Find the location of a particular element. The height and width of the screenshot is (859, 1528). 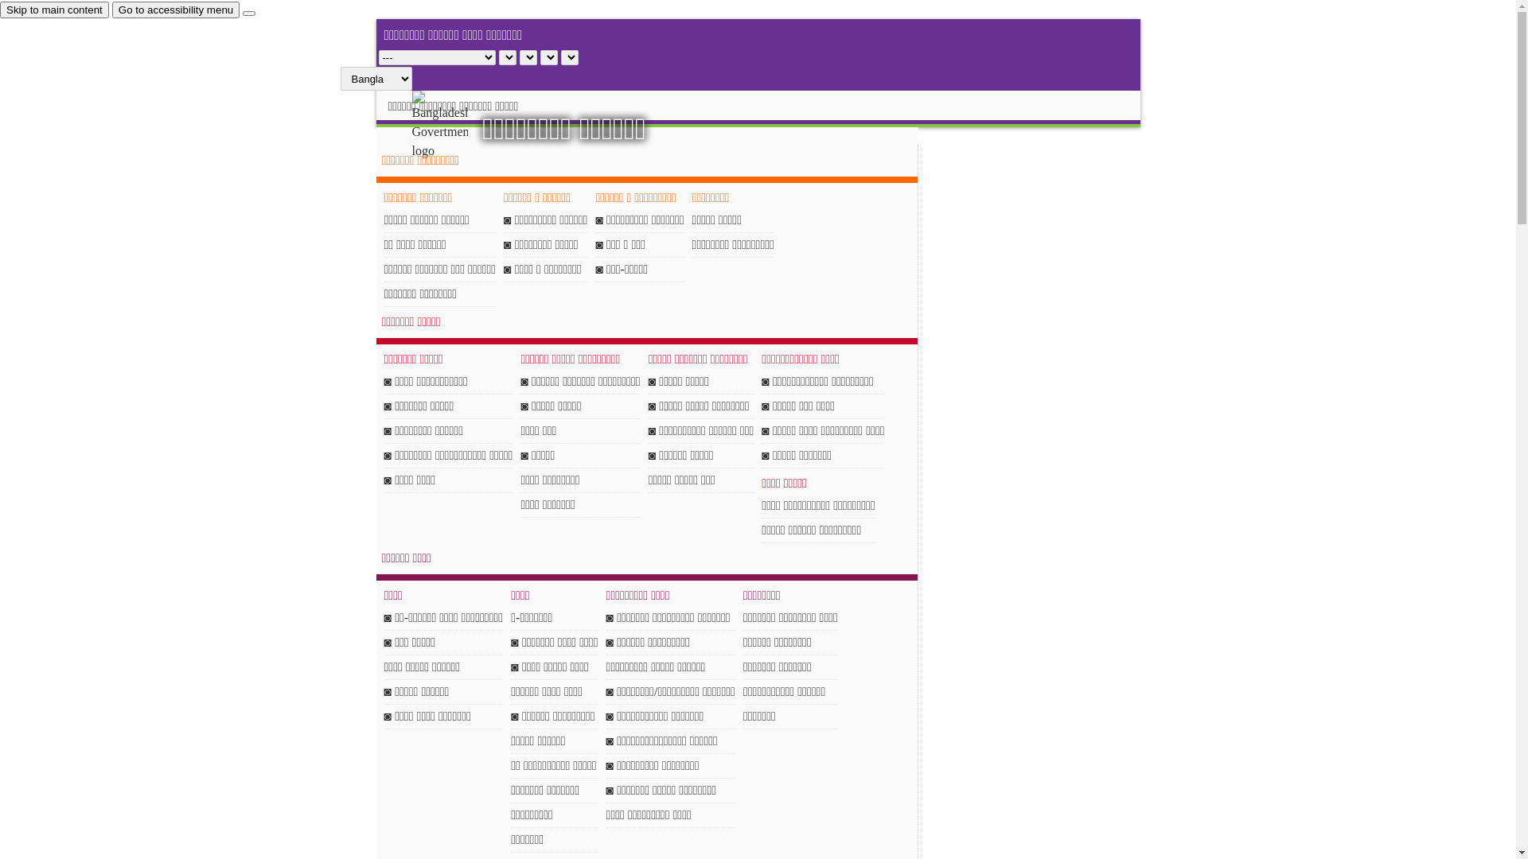

'Skip to main content' is located at coordinates (54, 10).